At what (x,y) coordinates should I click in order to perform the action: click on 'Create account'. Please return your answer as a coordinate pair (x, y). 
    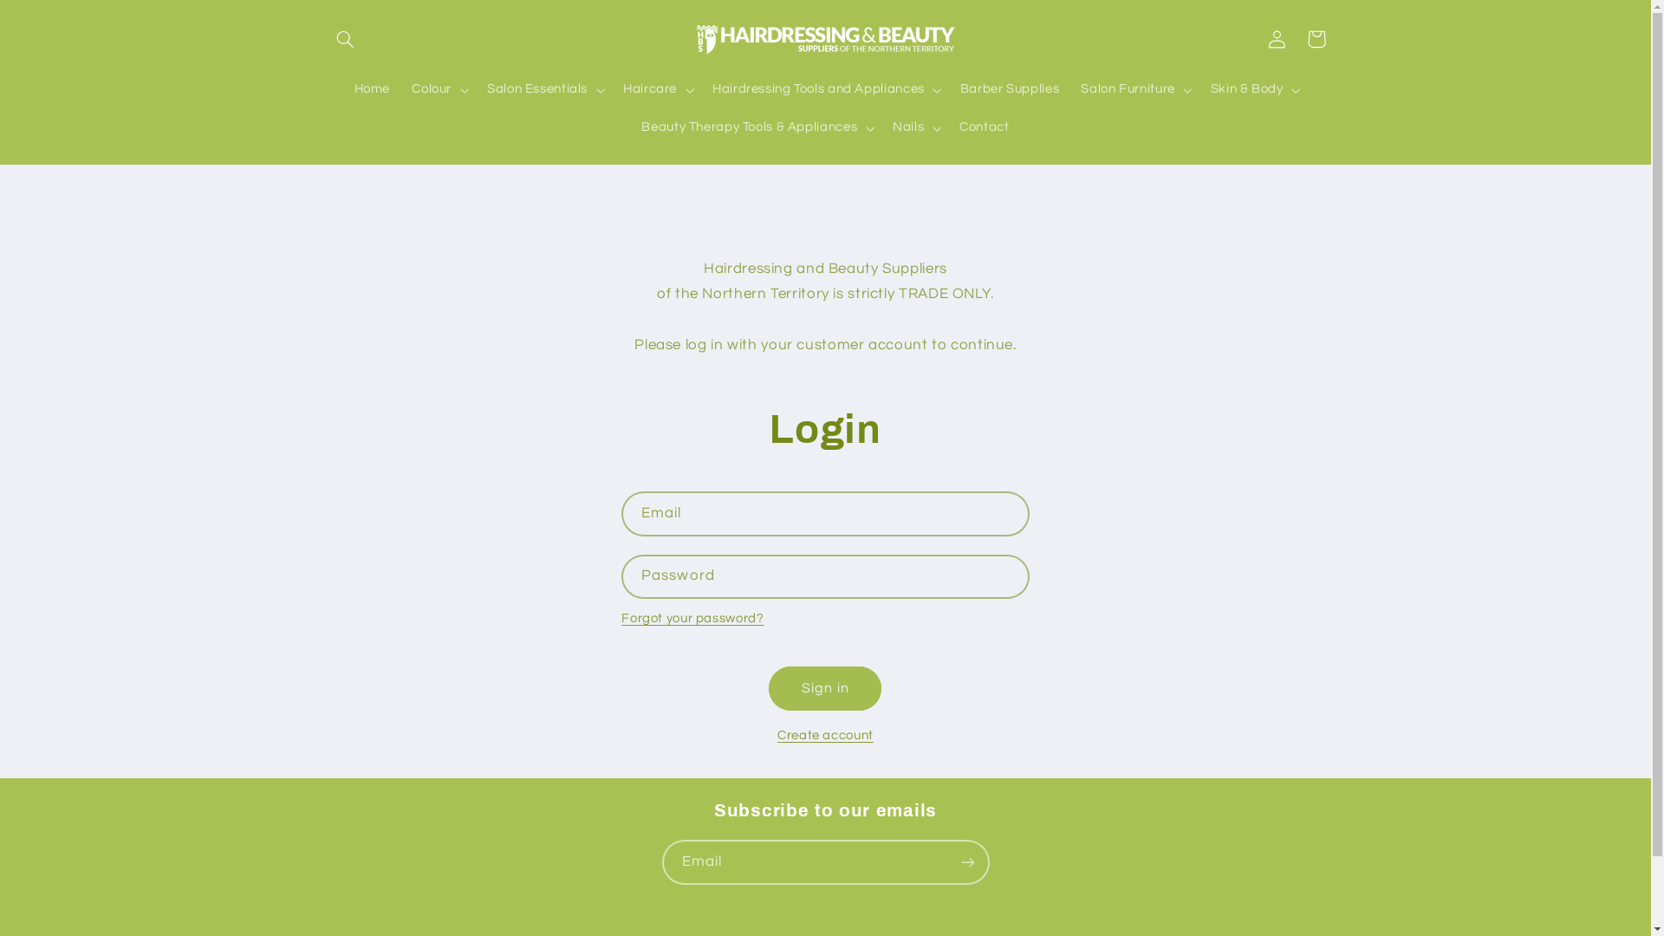
    Looking at the image, I should click on (824, 735).